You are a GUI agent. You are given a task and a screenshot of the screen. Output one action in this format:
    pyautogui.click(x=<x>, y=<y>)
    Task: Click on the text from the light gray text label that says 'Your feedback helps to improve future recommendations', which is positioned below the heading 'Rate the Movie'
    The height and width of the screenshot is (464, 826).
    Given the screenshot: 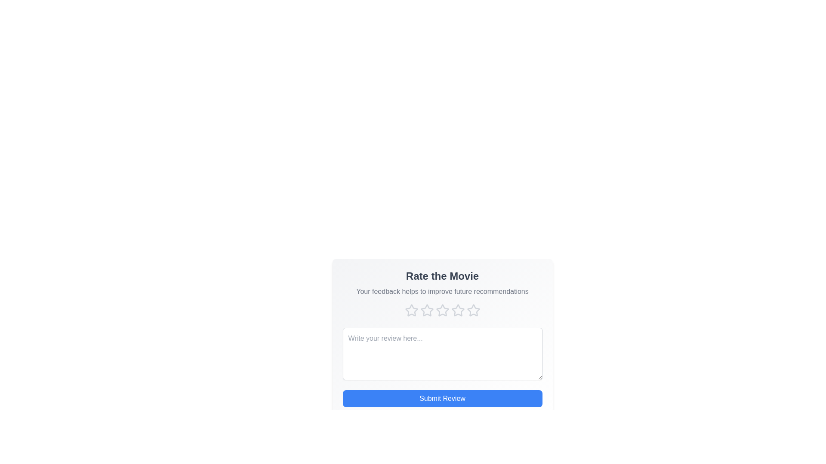 What is the action you would take?
    pyautogui.click(x=442, y=291)
    